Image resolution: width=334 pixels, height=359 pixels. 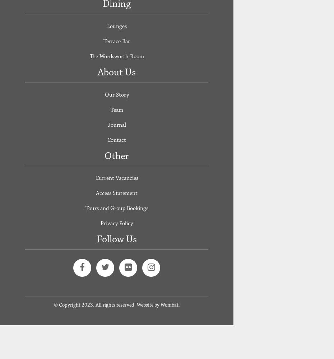 I want to click on 'Follow Us', so click(x=116, y=239).